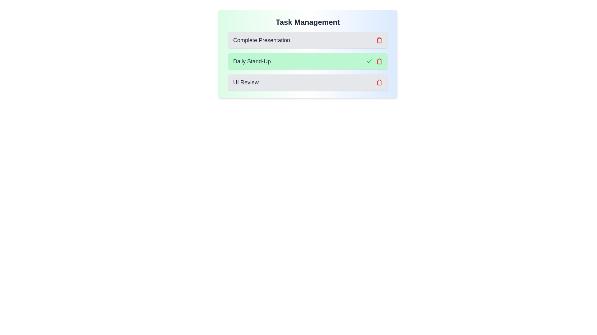  Describe the element at coordinates (379, 82) in the screenshot. I see `trash icon for the task named UI Review` at that location.